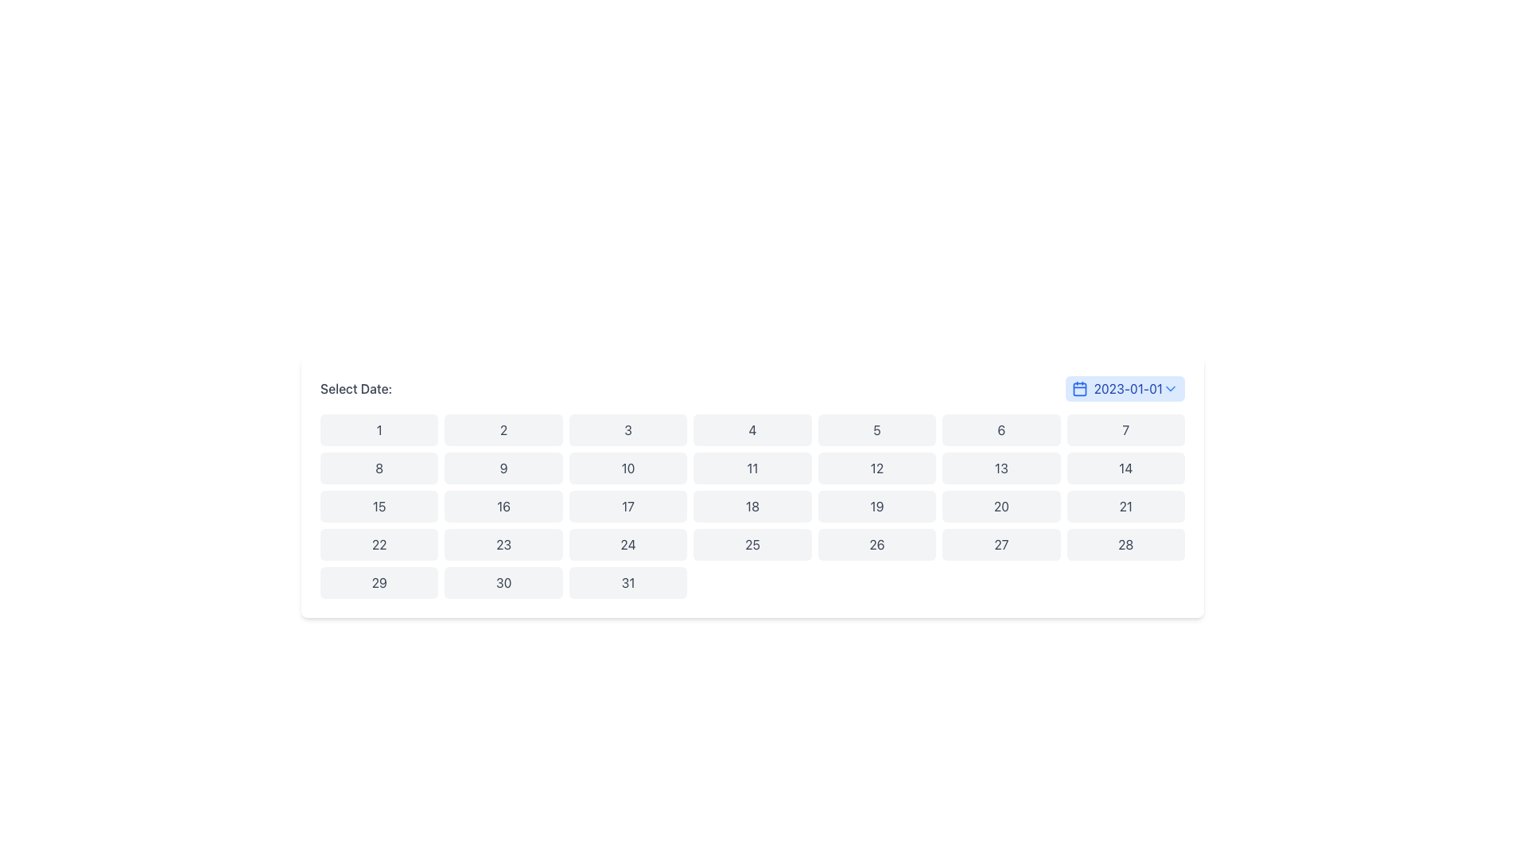  I want to click on the rectangular button containing the number '12' with a light gray background in the calendar grid layout, so click(876, 468).